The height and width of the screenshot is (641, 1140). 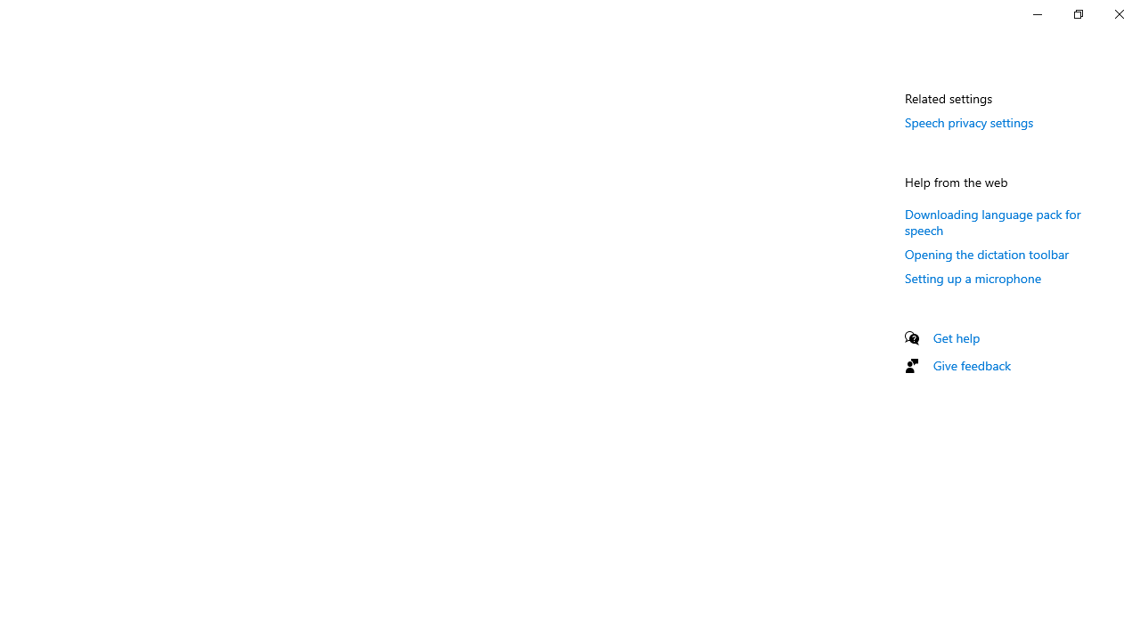 What do you see at coordinates (1077, 13) in the screenshot?
I see `'Restore Settings'` at bounding box center [1077, 13].